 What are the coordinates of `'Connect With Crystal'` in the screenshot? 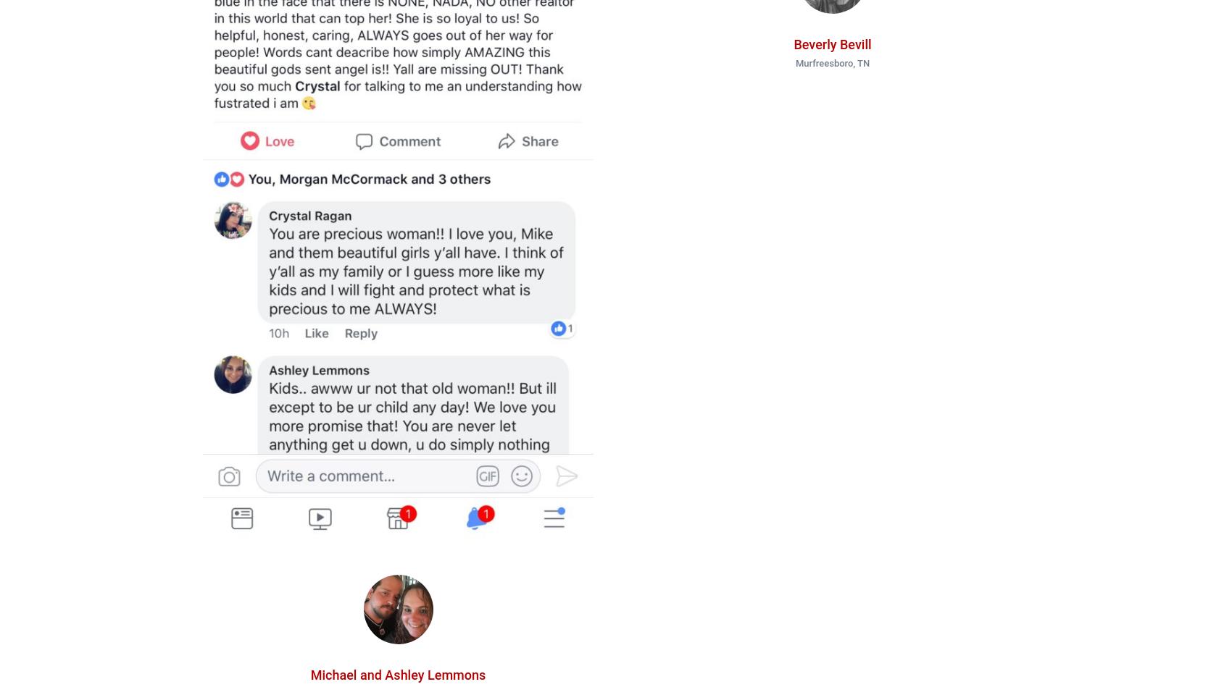 It's located at (397, 543).